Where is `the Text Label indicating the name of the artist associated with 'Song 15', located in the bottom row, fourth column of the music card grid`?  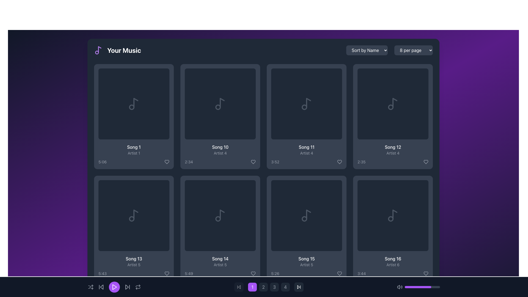
the Text Label indicating the name of the artist associated with 'Song 15', located in the bottom row, fourth column of the music card grid is located at coordinates (306, 265).